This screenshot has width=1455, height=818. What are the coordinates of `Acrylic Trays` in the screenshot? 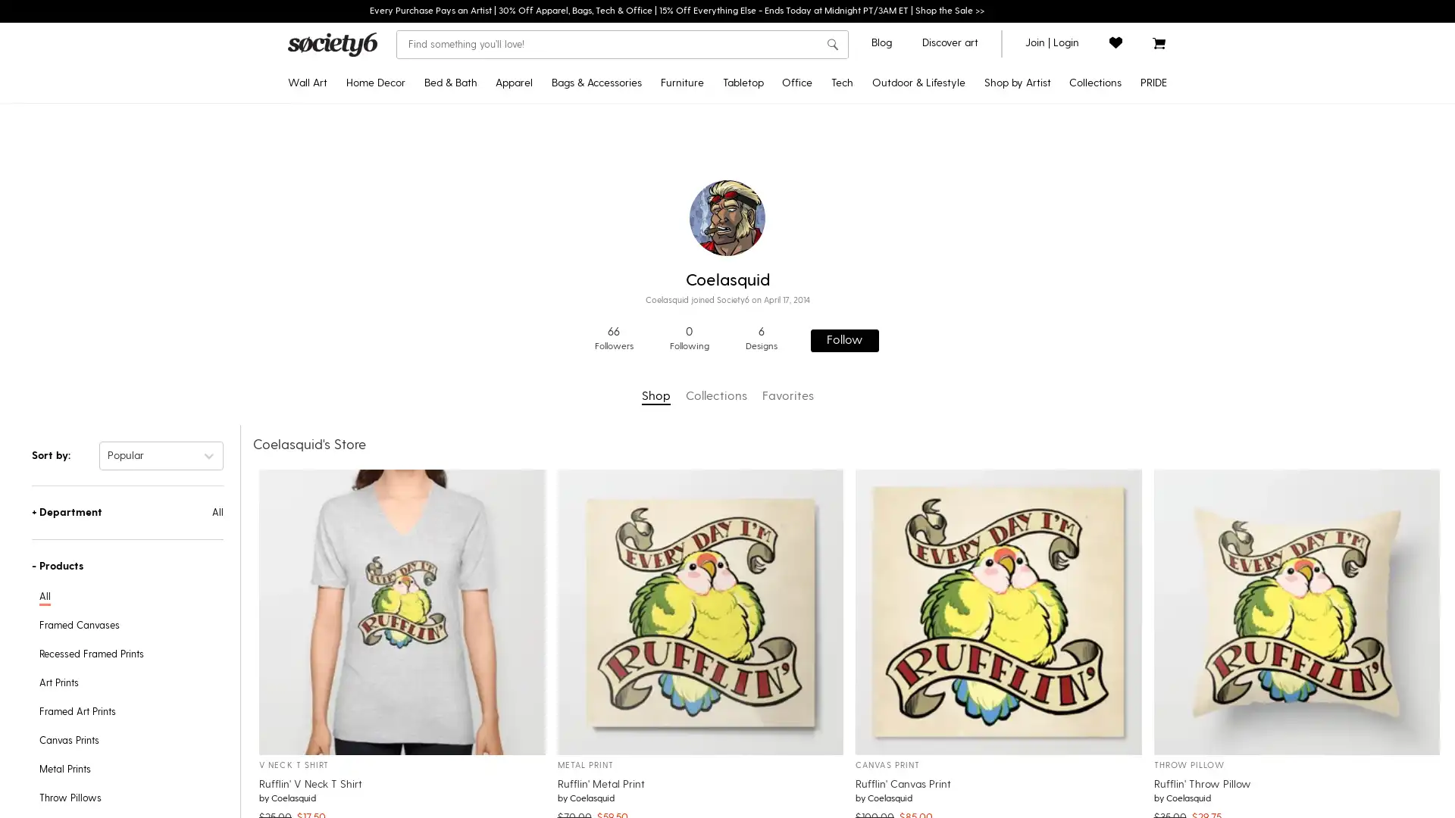 It's located at (834, 219).